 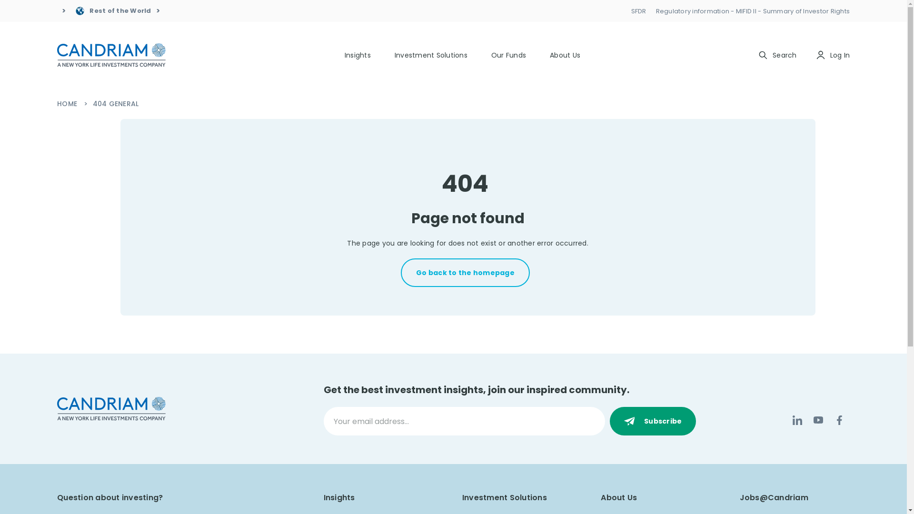 What do you see at coordinates (777, 55) in the screenshot?
I see `'Search'` at bounding box center [777, 55].